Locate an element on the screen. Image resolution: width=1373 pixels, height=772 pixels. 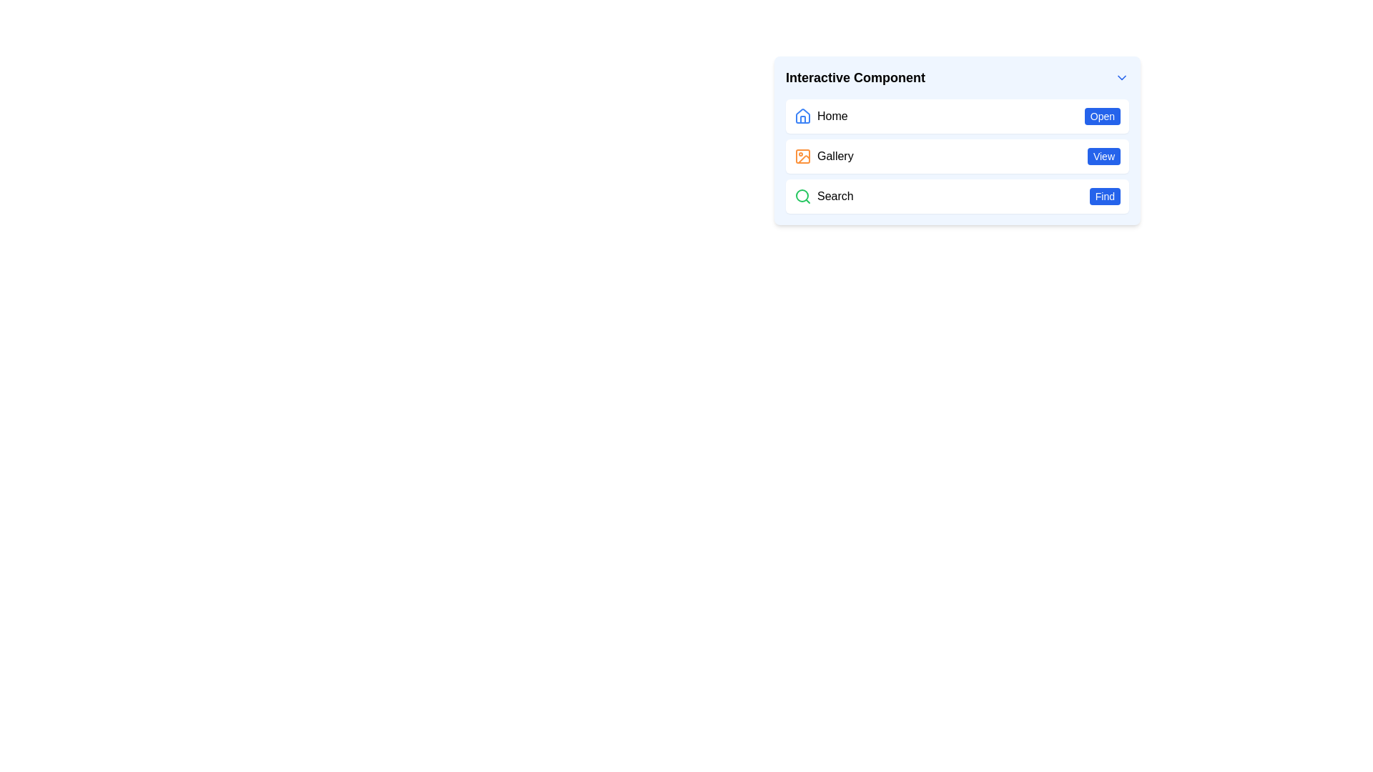
the 'View' button with a blue background and white text located in the 'Gallery' section to observe the styling change is located at coordinates (1103, 157).